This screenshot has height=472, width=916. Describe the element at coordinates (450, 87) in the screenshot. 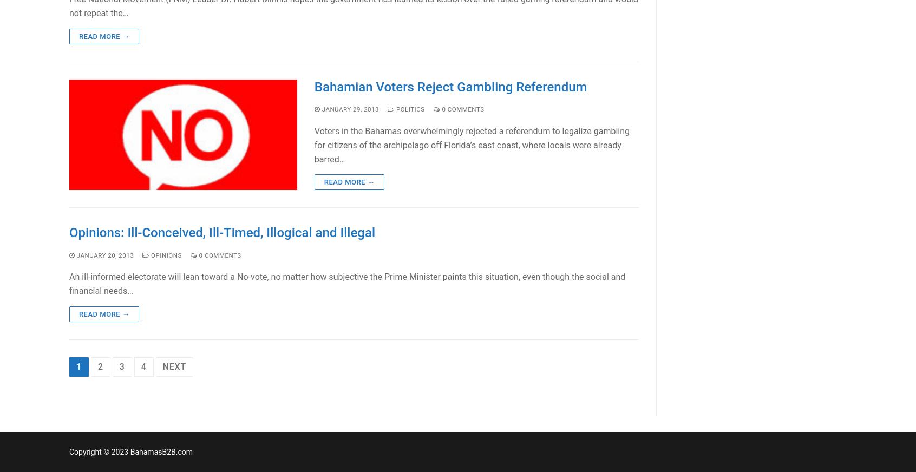

I see `'Bahamian Voters Reject Gambling Referendum'` at that location.